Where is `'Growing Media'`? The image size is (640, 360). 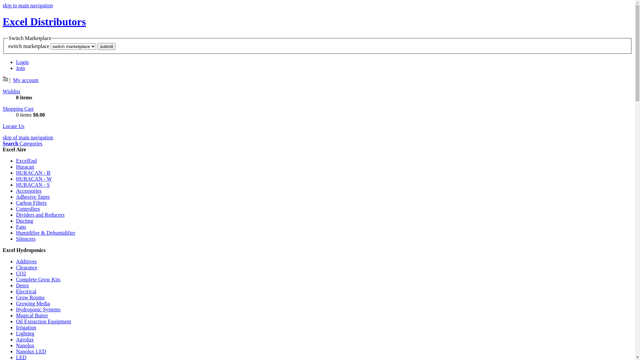 'Growing Media' is located at coordinates (33, 303).